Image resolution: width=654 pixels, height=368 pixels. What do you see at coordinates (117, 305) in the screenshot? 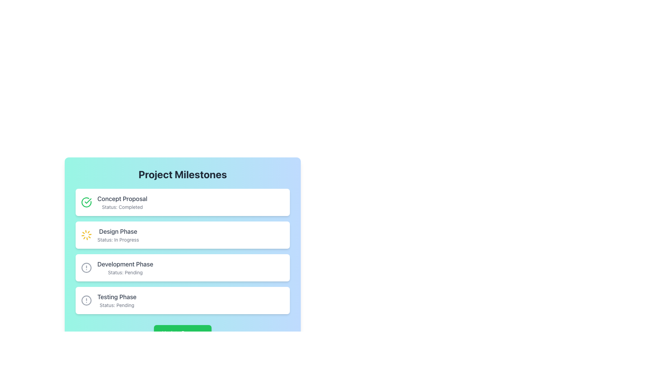
I see `the Static Text Label displaying 'Status: Pending' located under the 'Testing Phase' header in the Project Milestones list` at bounding box center [117, 305].